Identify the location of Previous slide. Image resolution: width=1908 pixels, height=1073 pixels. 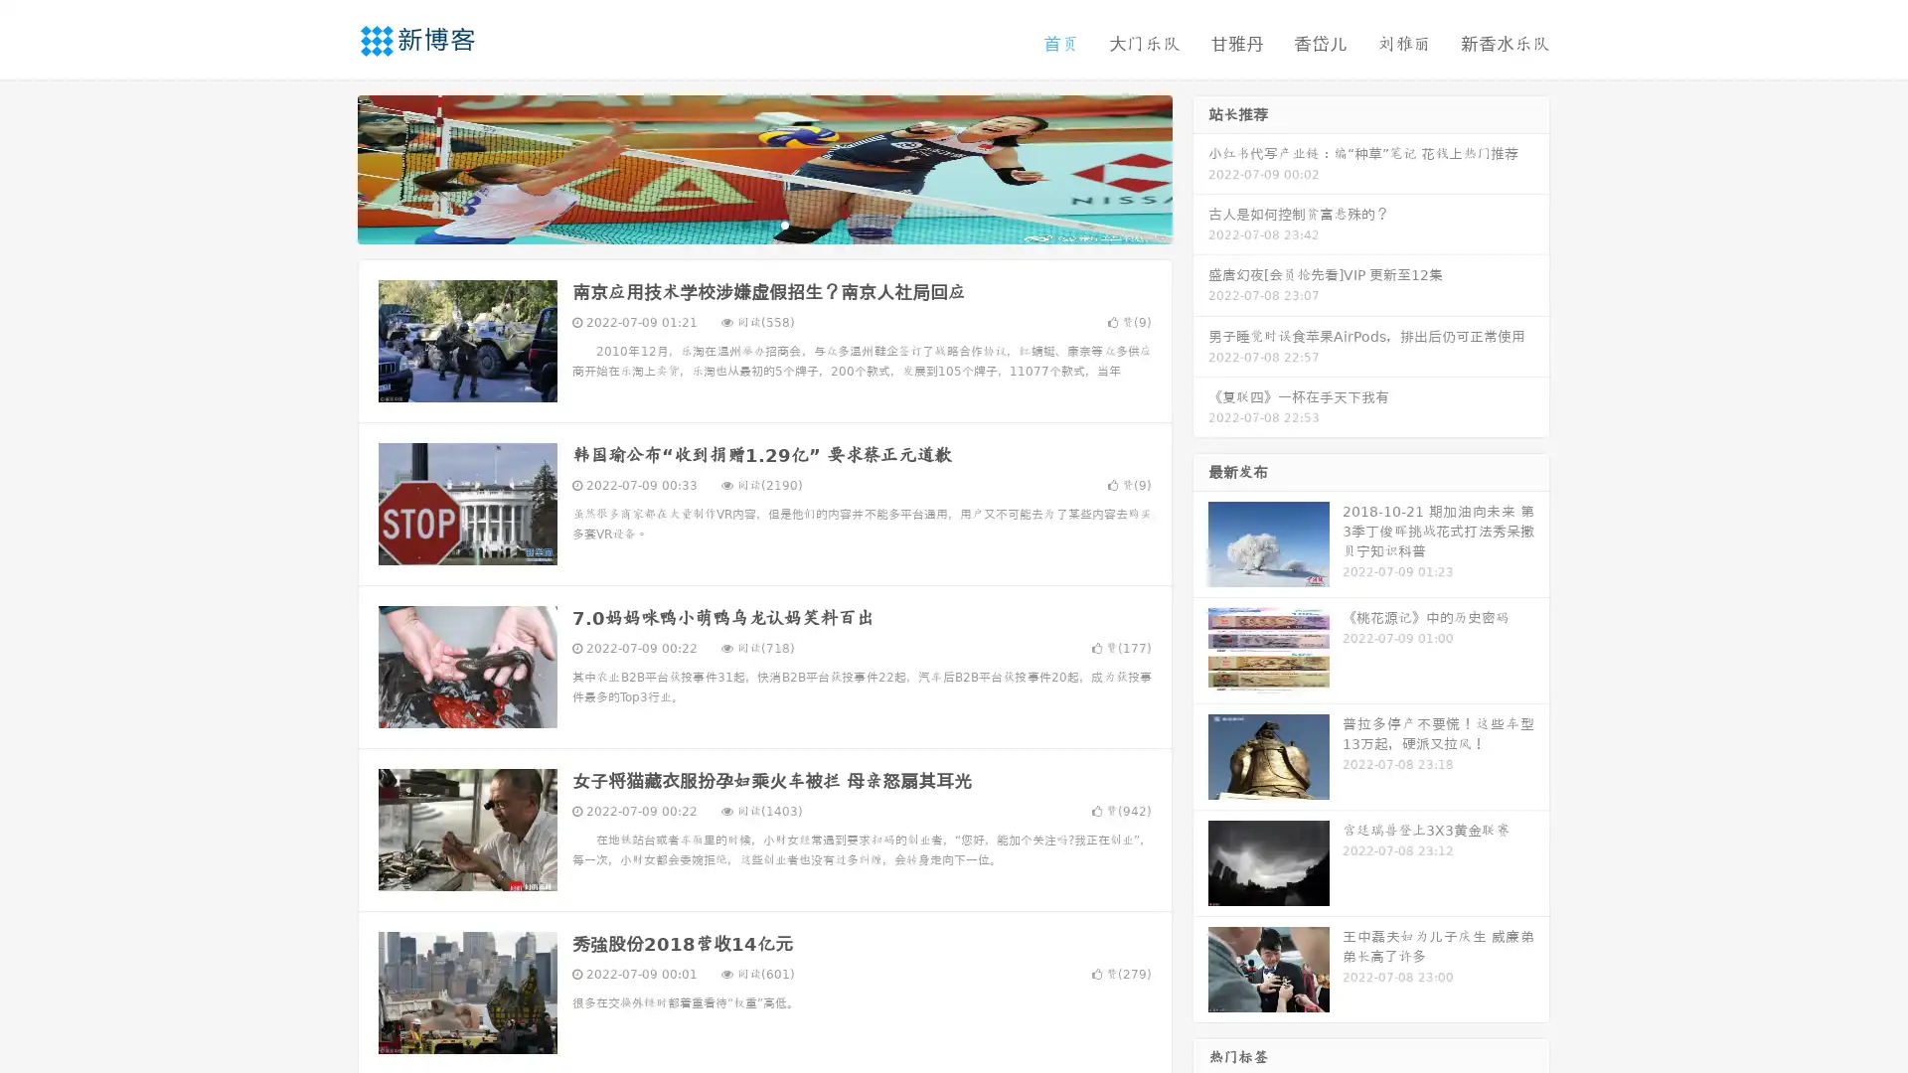
(328, 167).